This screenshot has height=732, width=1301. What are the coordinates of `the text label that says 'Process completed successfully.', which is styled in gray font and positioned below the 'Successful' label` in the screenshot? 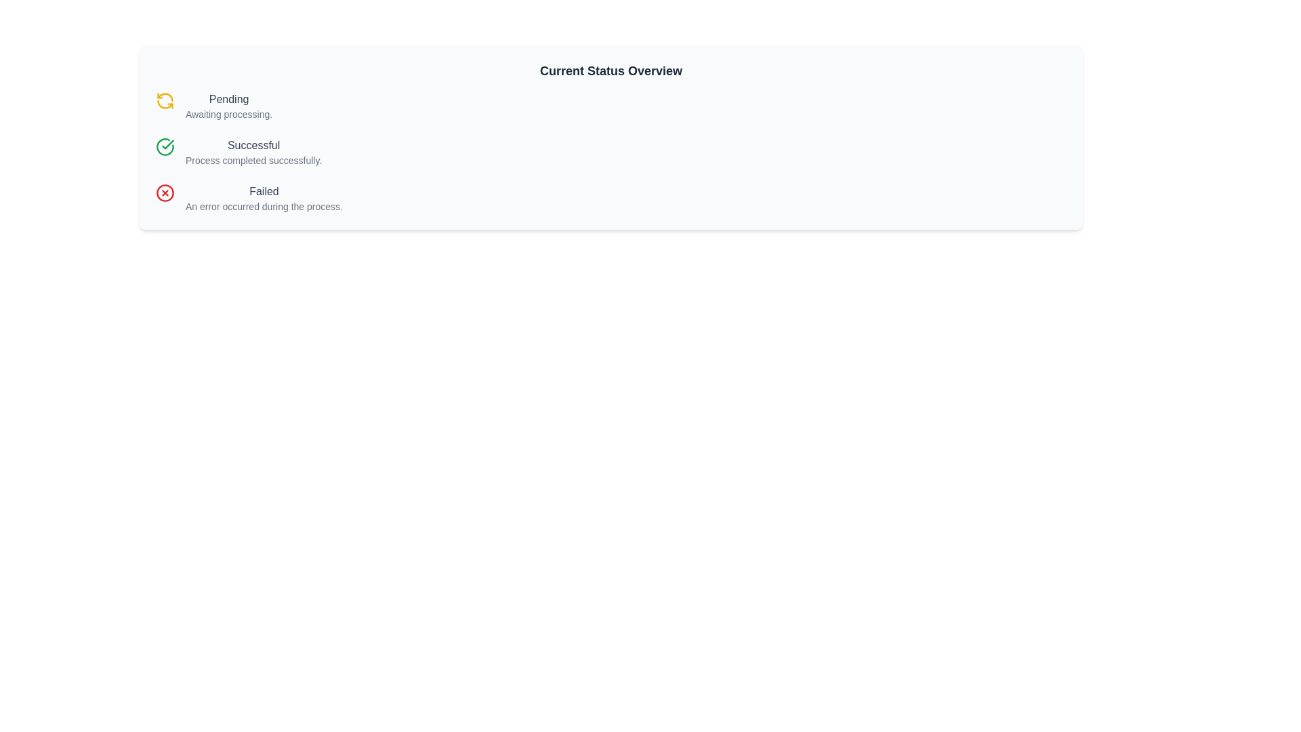 It's located at (253, 159).